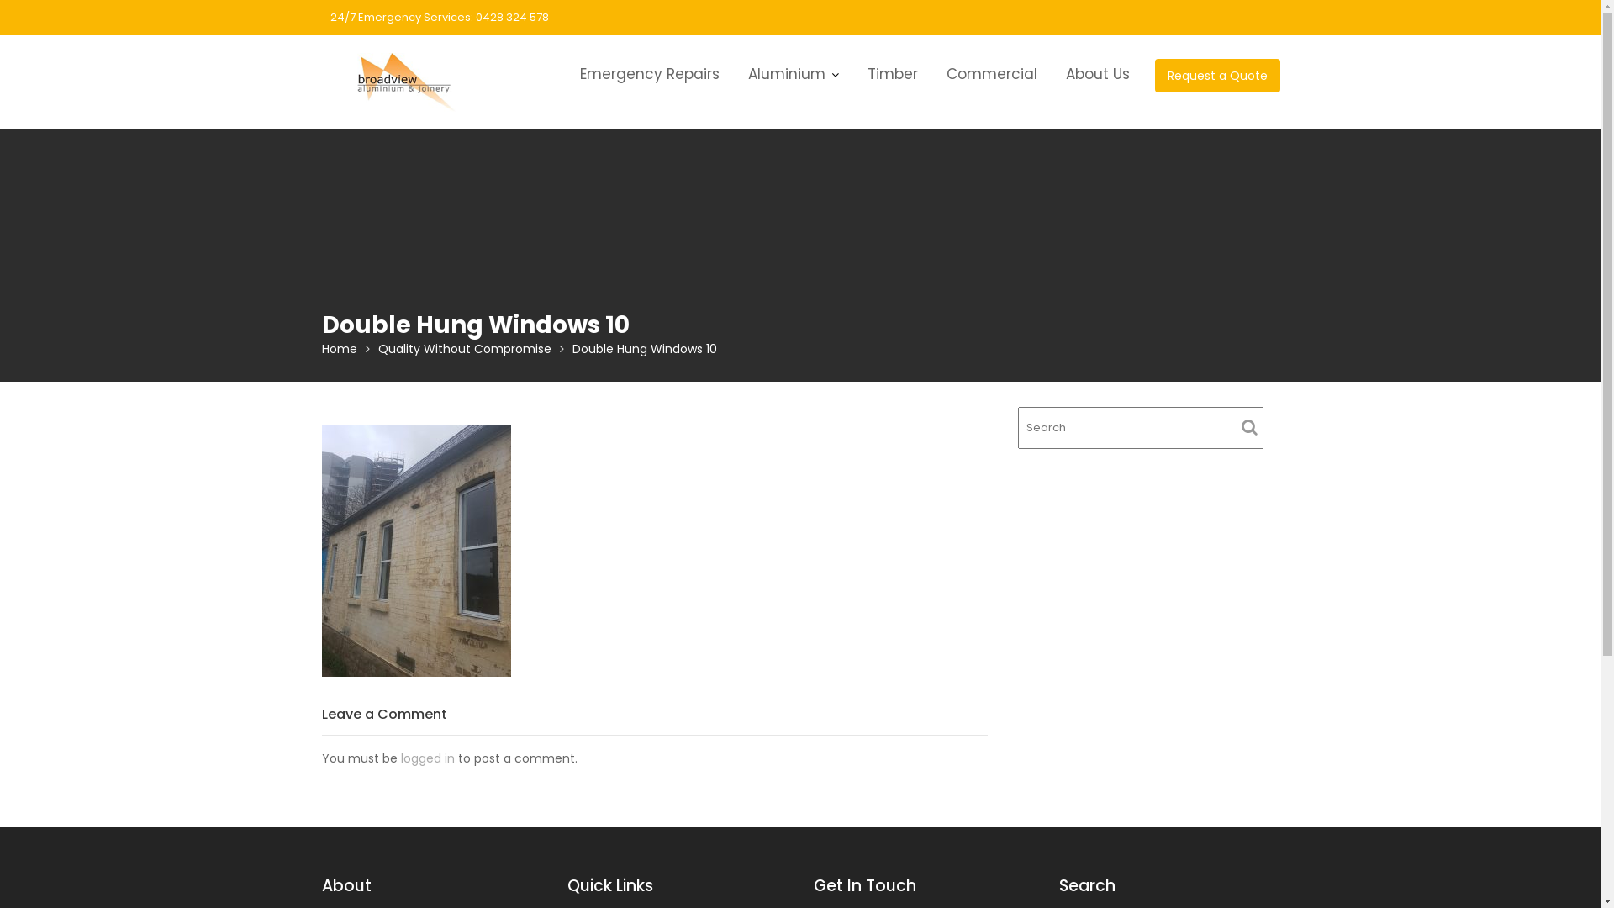  Describe the element at coordinates (1097, 73) in the screenshot. I see `'About Us'` at that location.